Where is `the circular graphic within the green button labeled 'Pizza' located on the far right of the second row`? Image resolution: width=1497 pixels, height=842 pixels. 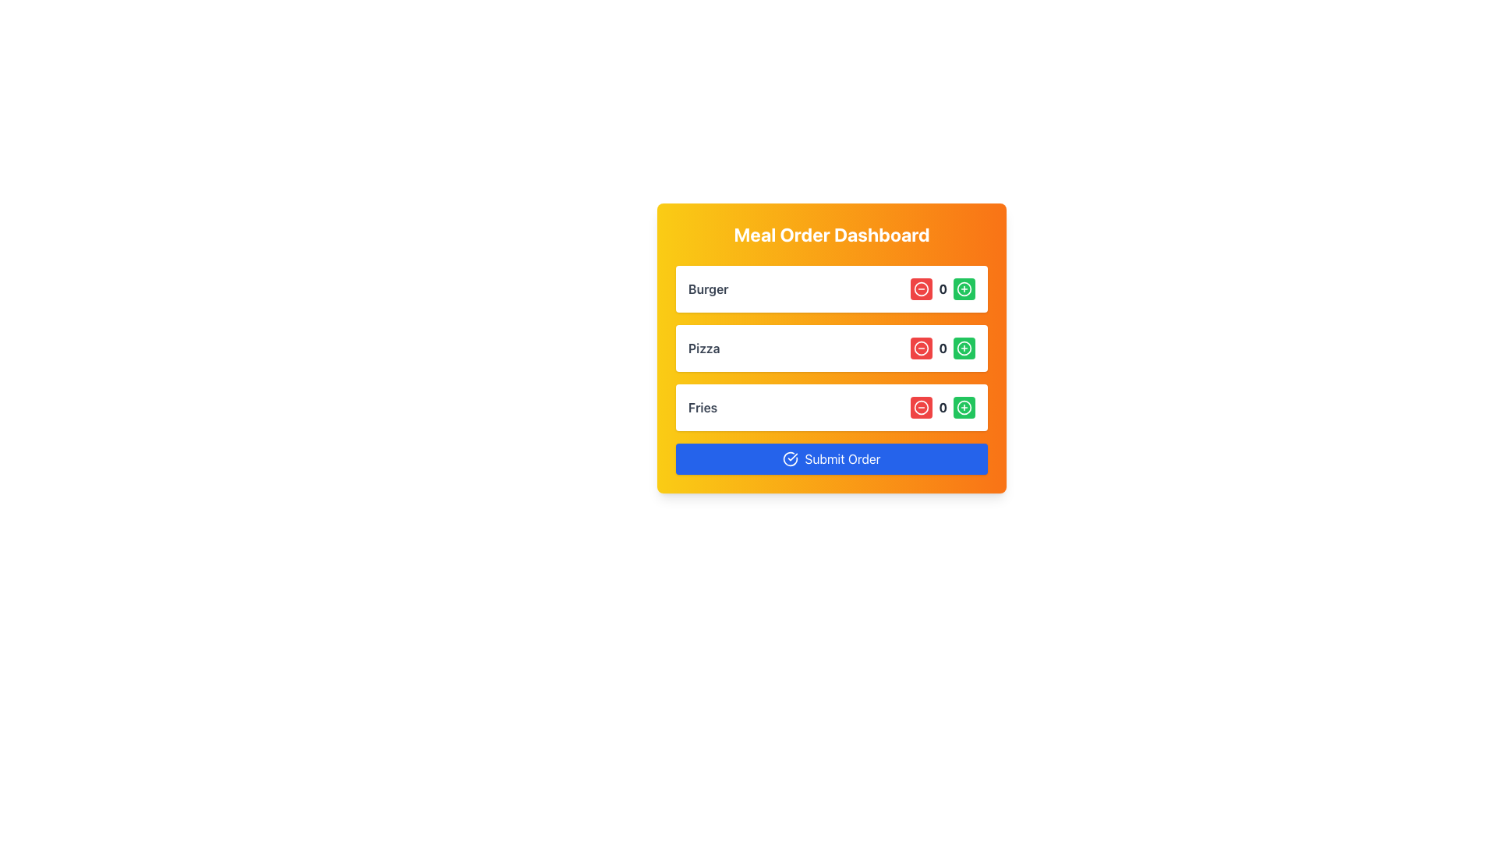
the circular graphic within the green button labeled 'Pizza' located on the far right of the second row is located at coordinates (964, 348).